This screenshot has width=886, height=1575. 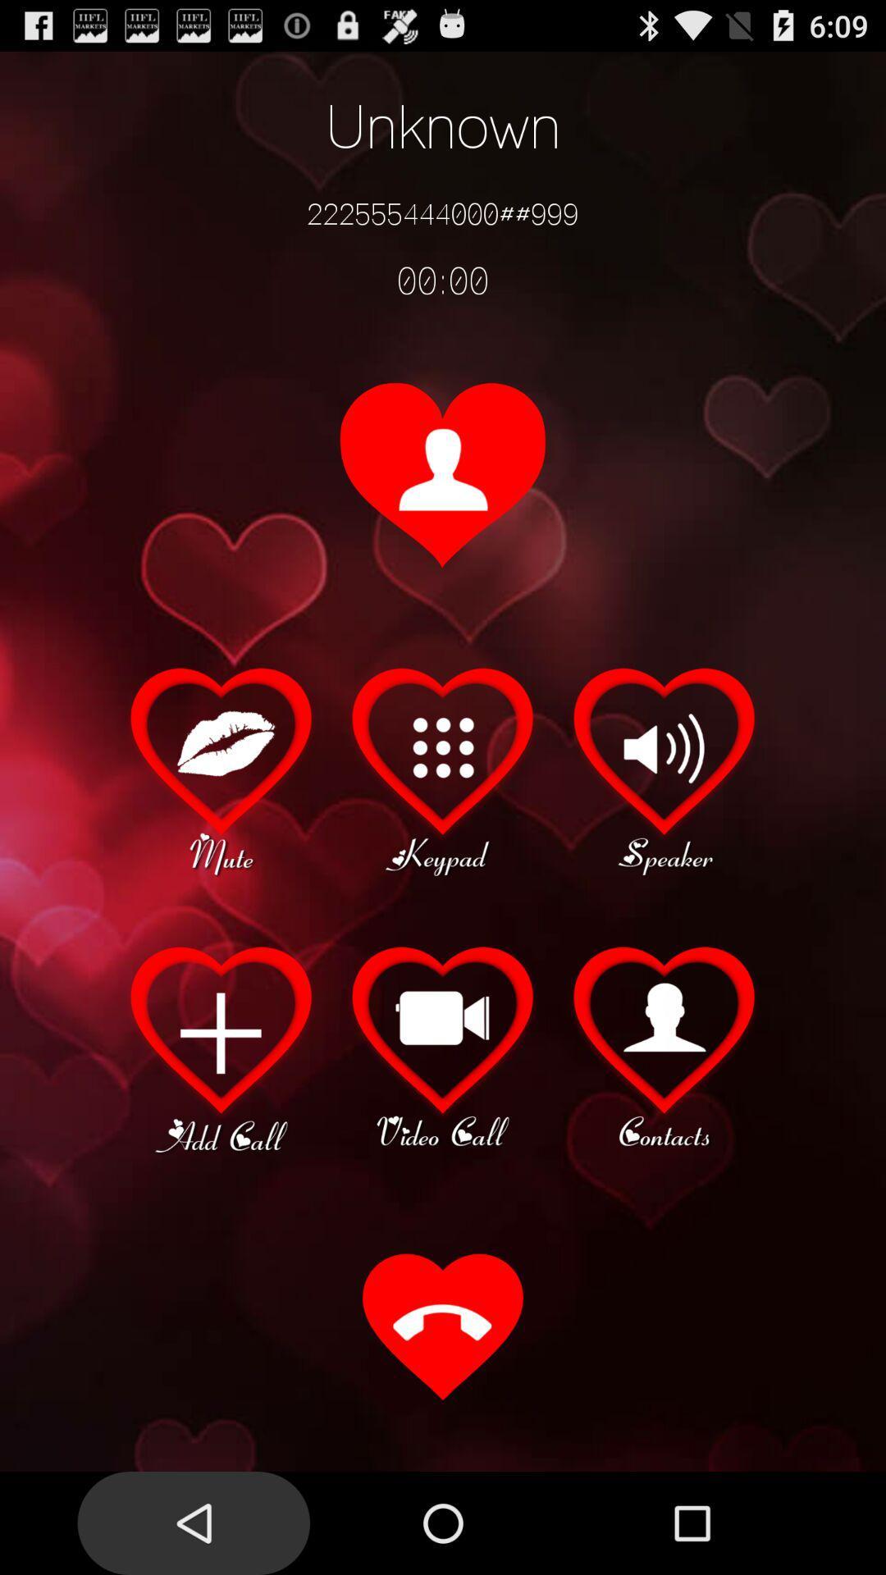 I want to click on click for contacts, so click(x=664, y=1047).